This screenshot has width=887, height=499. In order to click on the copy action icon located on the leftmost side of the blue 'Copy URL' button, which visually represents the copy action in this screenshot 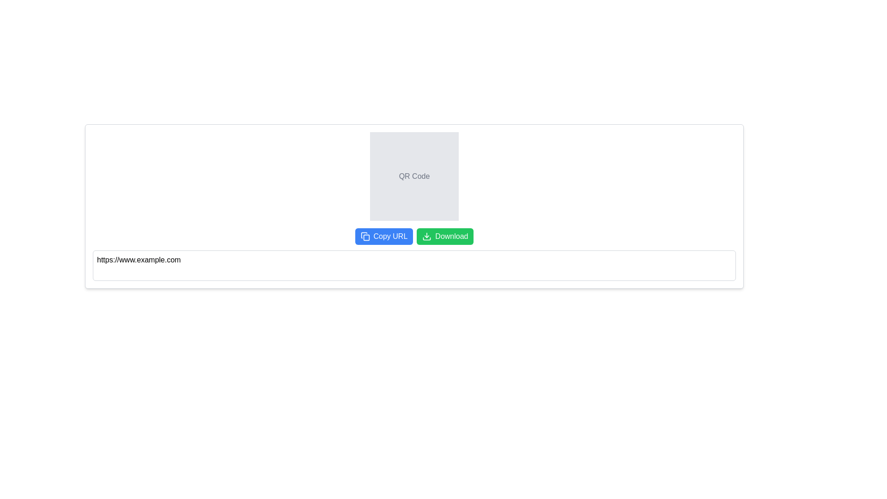, I will do `click(365, 236)`.